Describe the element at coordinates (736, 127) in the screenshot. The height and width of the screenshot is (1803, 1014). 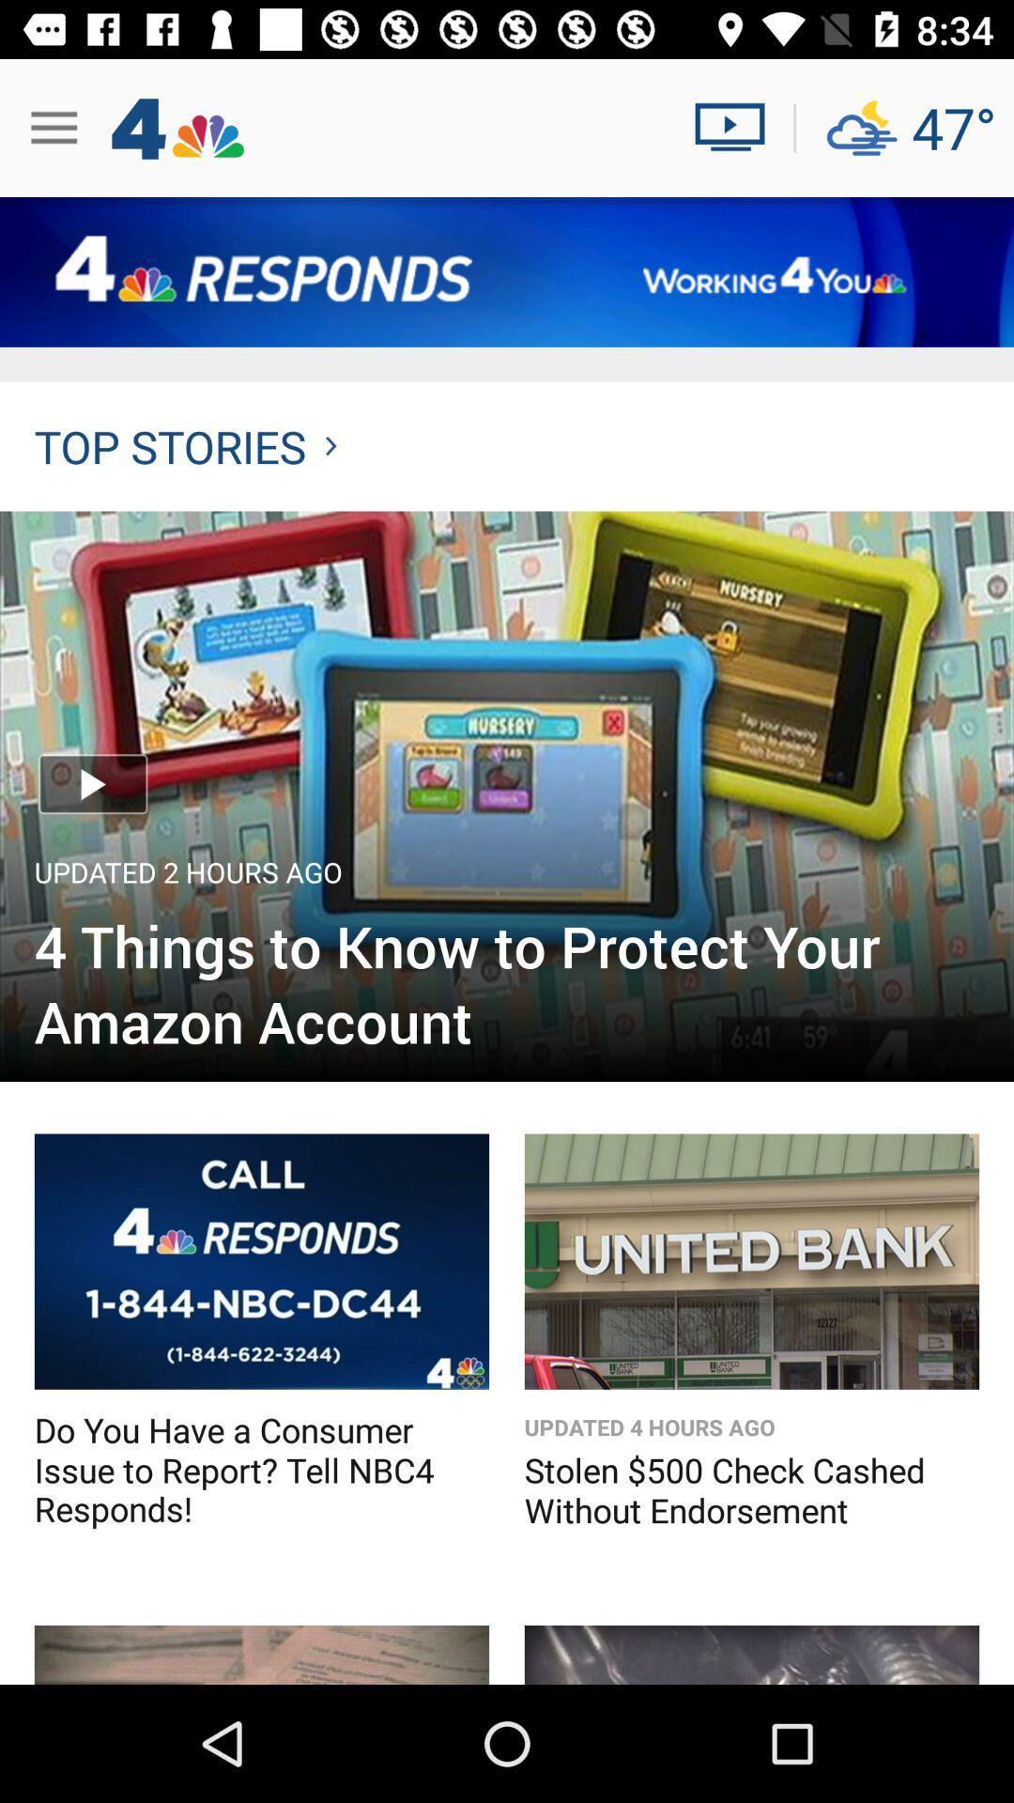
I see `news` at that location.